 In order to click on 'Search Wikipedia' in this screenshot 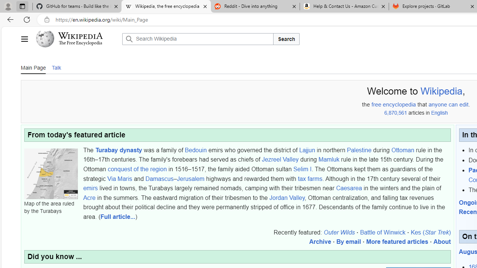, I will do `click(198, 39)`.